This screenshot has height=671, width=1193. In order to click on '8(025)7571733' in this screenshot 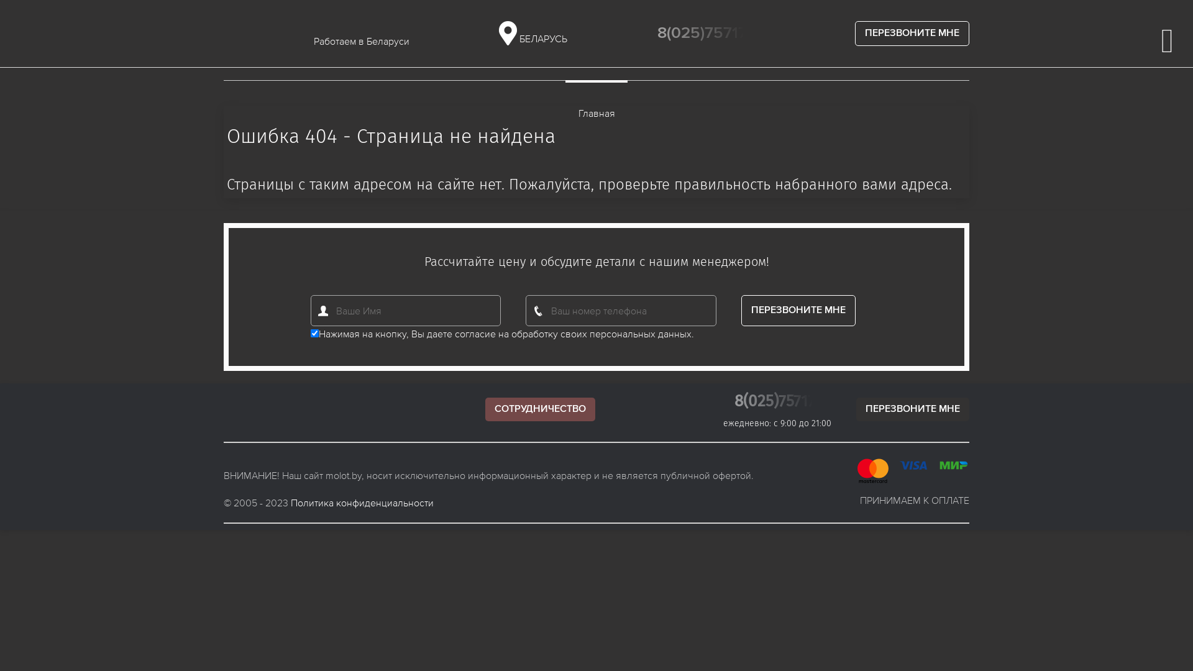, I will do `click(782, 401)`.